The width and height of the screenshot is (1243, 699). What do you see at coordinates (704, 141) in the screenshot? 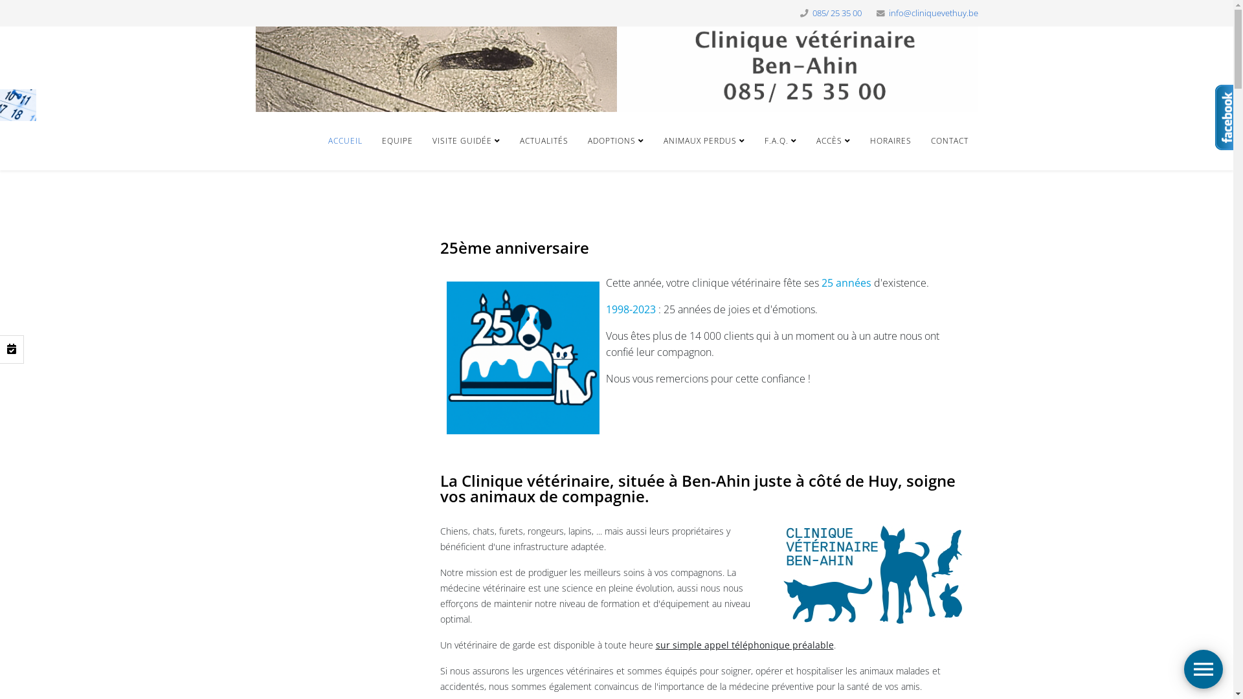
I see `'ANIMAUX PERDUS'` at bounding box center [704, 141].